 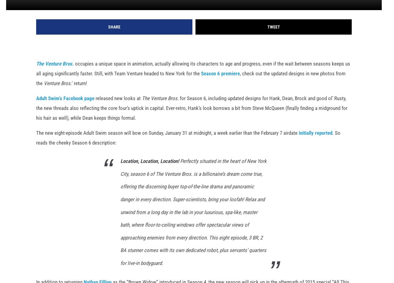 What do you see at coordinates (65, 108) in the screenshot?
I see `'Adult Swim’s Facebook page'` at bounding box center [65, 108].